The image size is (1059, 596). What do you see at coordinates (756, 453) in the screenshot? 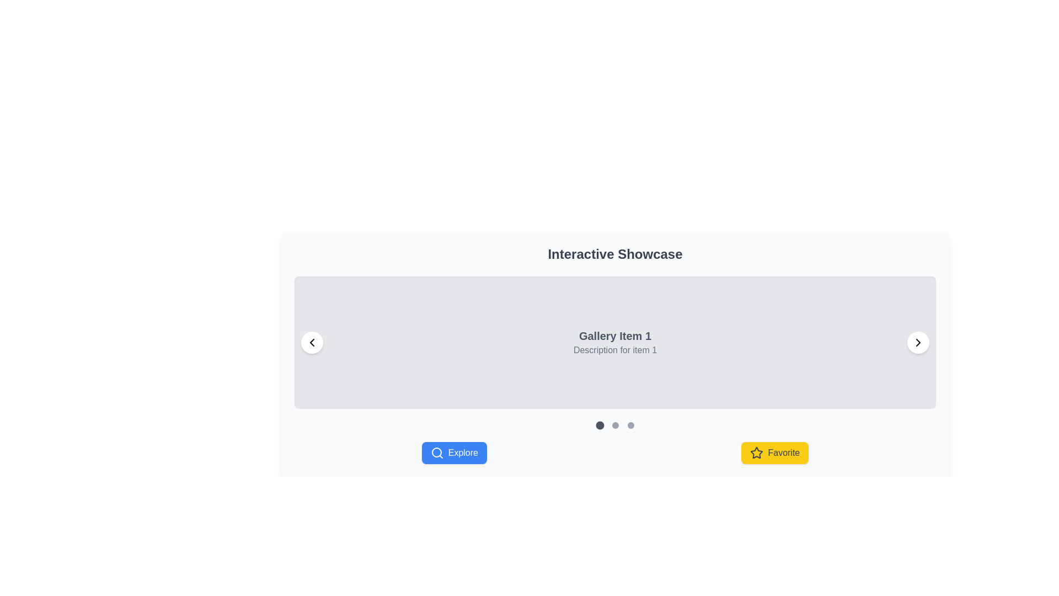
I see `the star icon inside the yellow 'Favorite' button at the bottom-right of the interface` at bounding box center [756, 453].